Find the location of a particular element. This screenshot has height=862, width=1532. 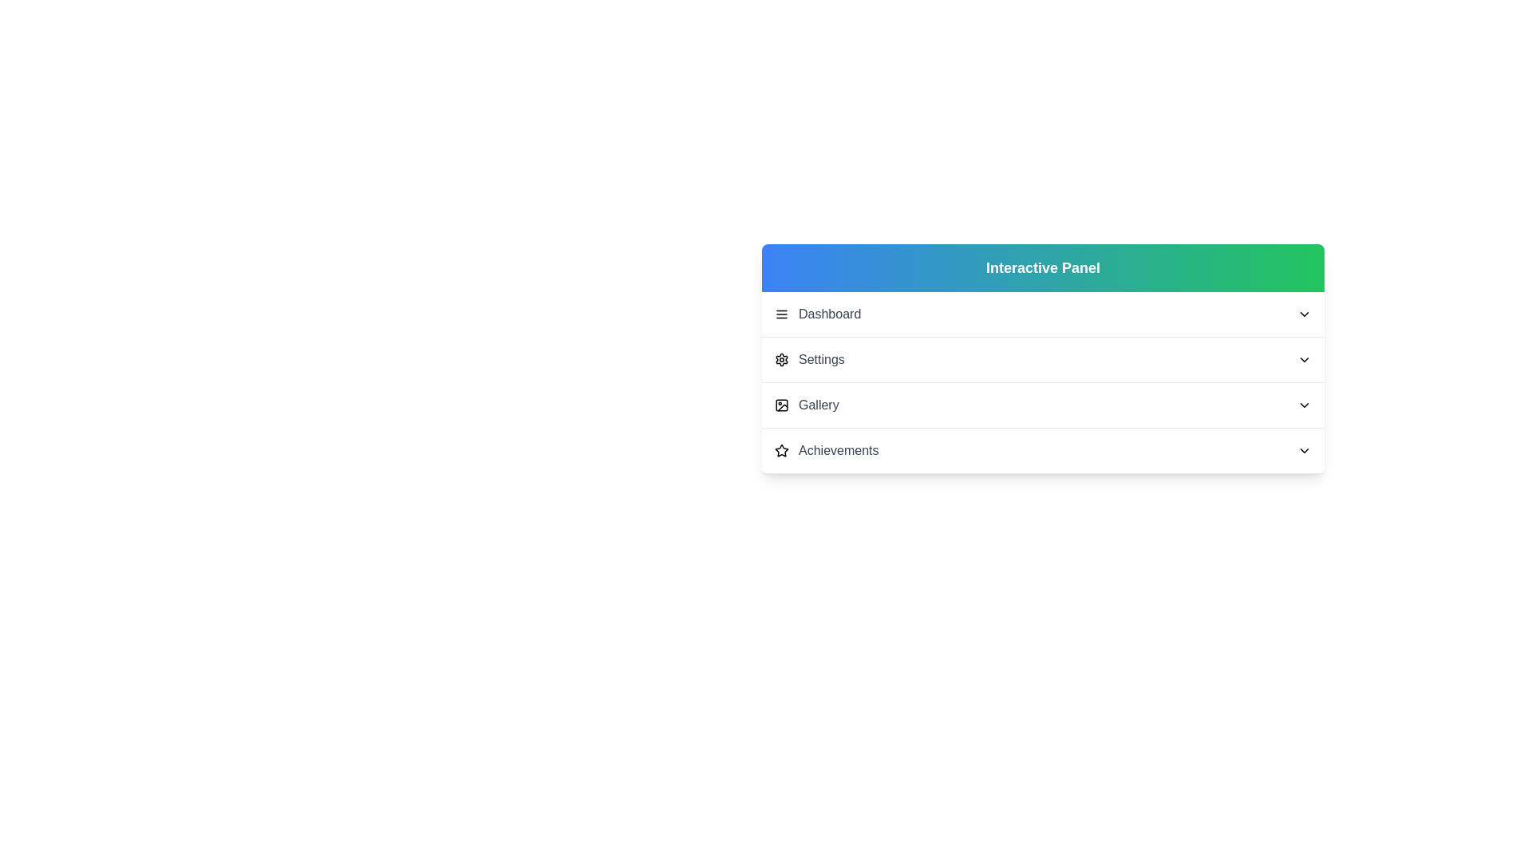

the 'Achievements' list item in the navigation menu, which is the fourth item in the vertical list located under the Interactive Panel is located at coordinates (827, 450).